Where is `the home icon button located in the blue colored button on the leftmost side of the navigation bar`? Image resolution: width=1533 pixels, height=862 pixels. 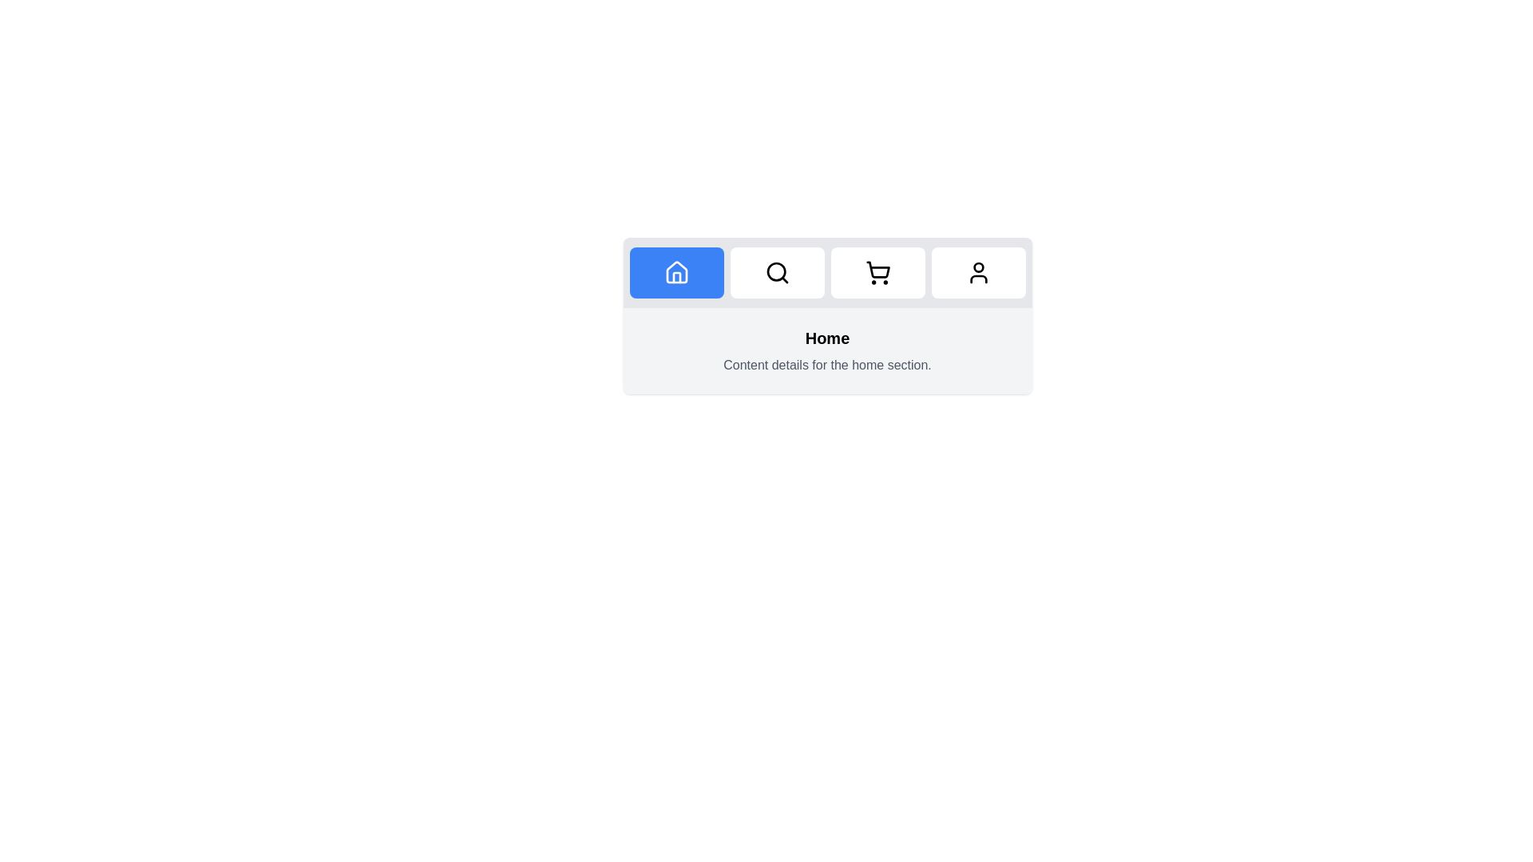 the home icon button located in the blue colored button on the leftmost side of the navigation bar is located at coordinates (676, 272).